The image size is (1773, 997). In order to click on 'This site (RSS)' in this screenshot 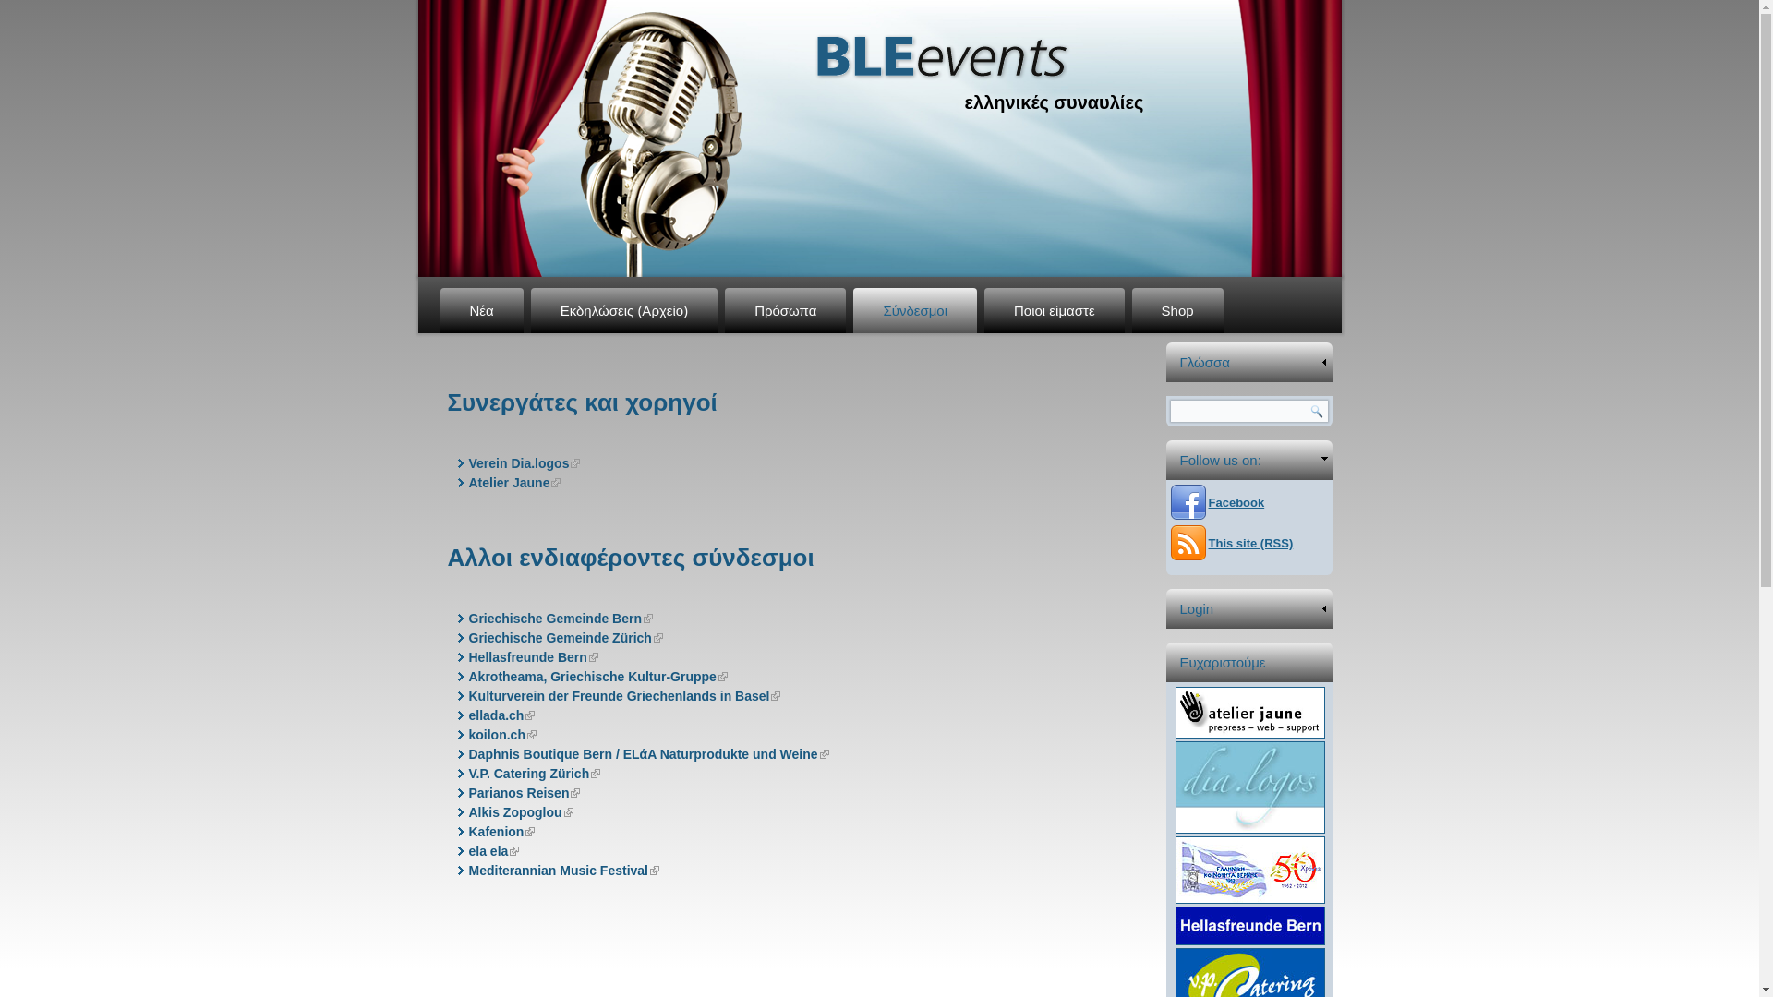, I will do `click(1235, 544)`.